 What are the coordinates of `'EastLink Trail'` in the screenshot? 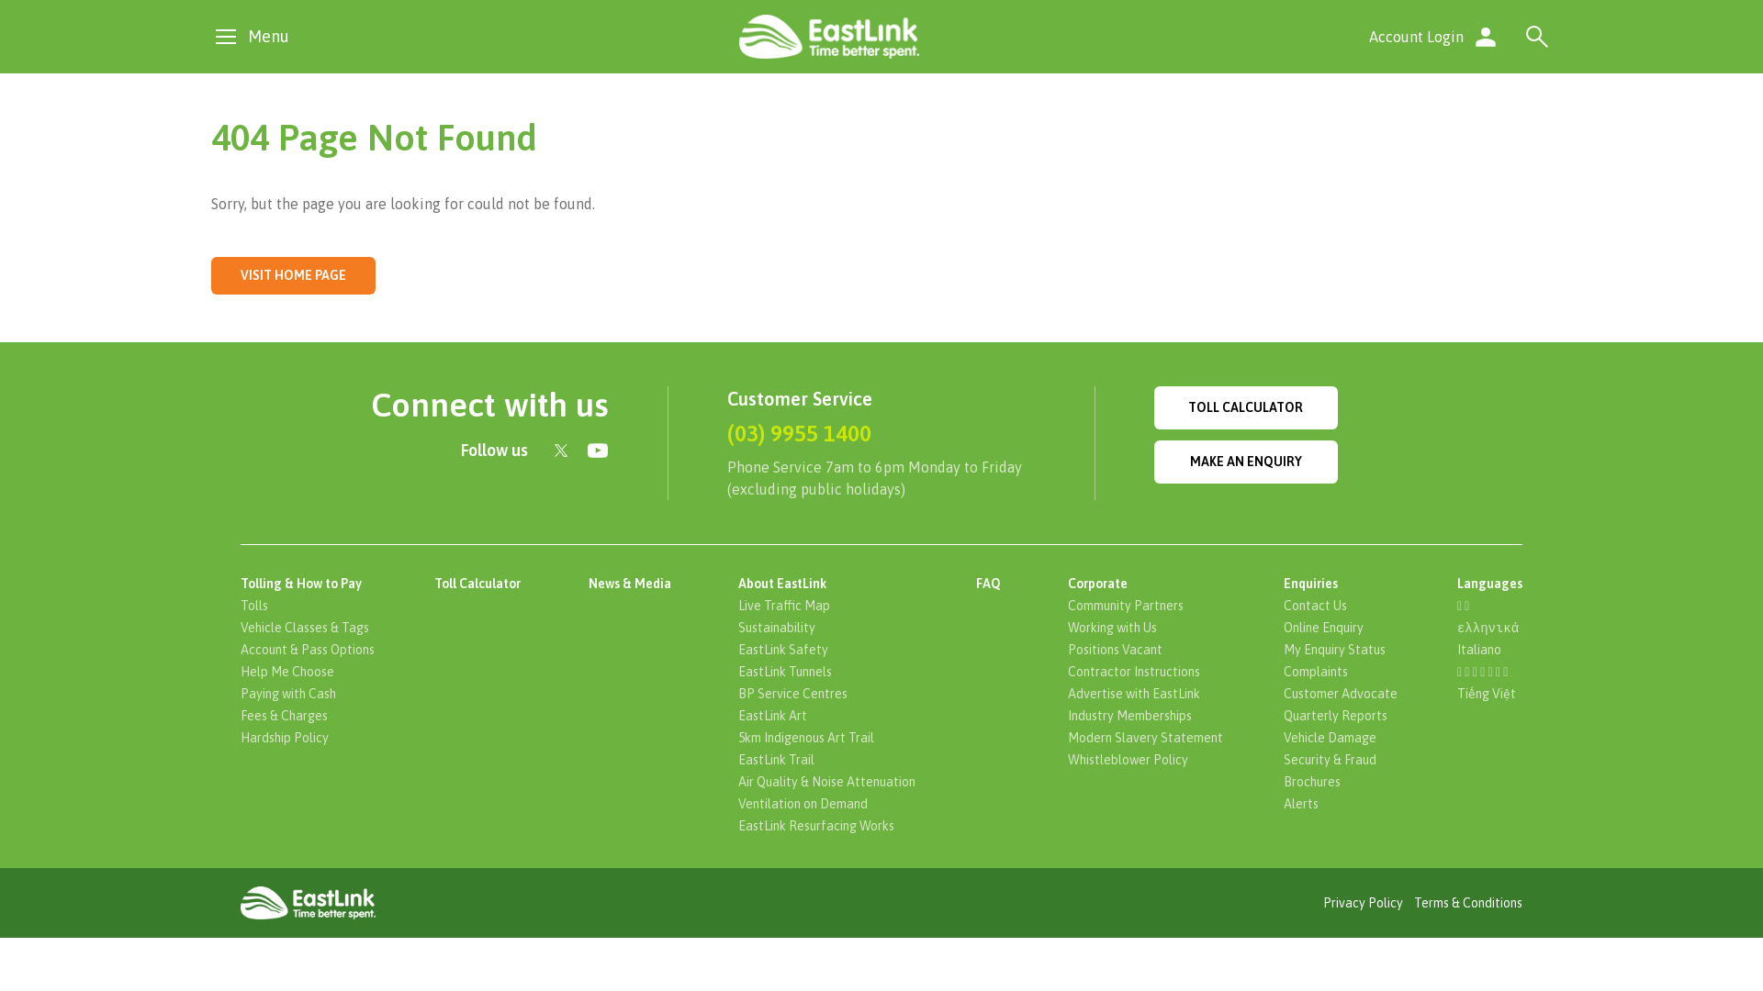 It's located at (783, 760).